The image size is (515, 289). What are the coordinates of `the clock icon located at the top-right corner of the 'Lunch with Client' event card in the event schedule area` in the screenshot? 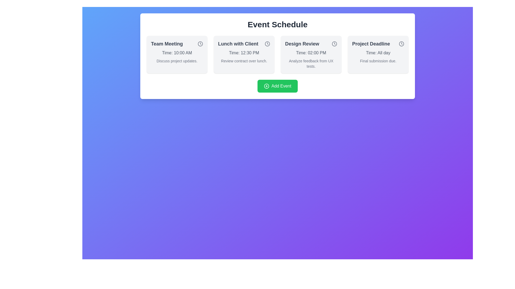 It's located at (267, 44).